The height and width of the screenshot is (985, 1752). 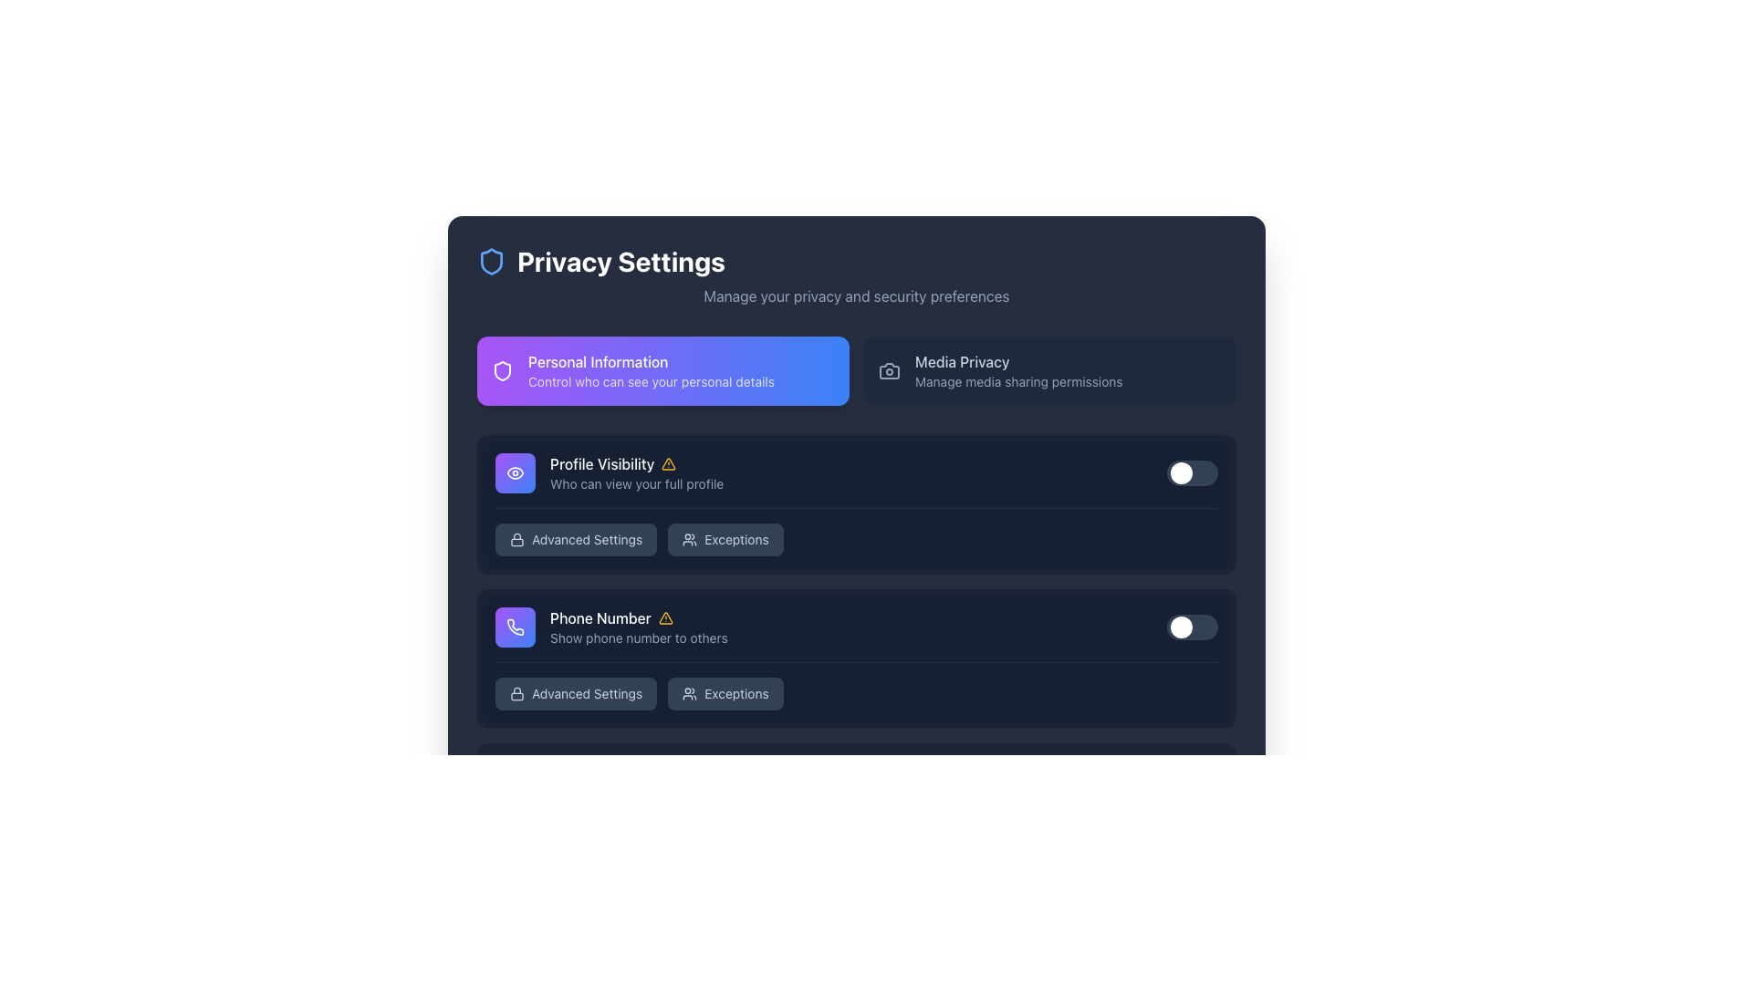 I want to click on and interpret the information presented in the 'Profile Visibility' informational label, which includes a bold heading and a subtitle about profile viewing permissions, so click(x=637, y=472).